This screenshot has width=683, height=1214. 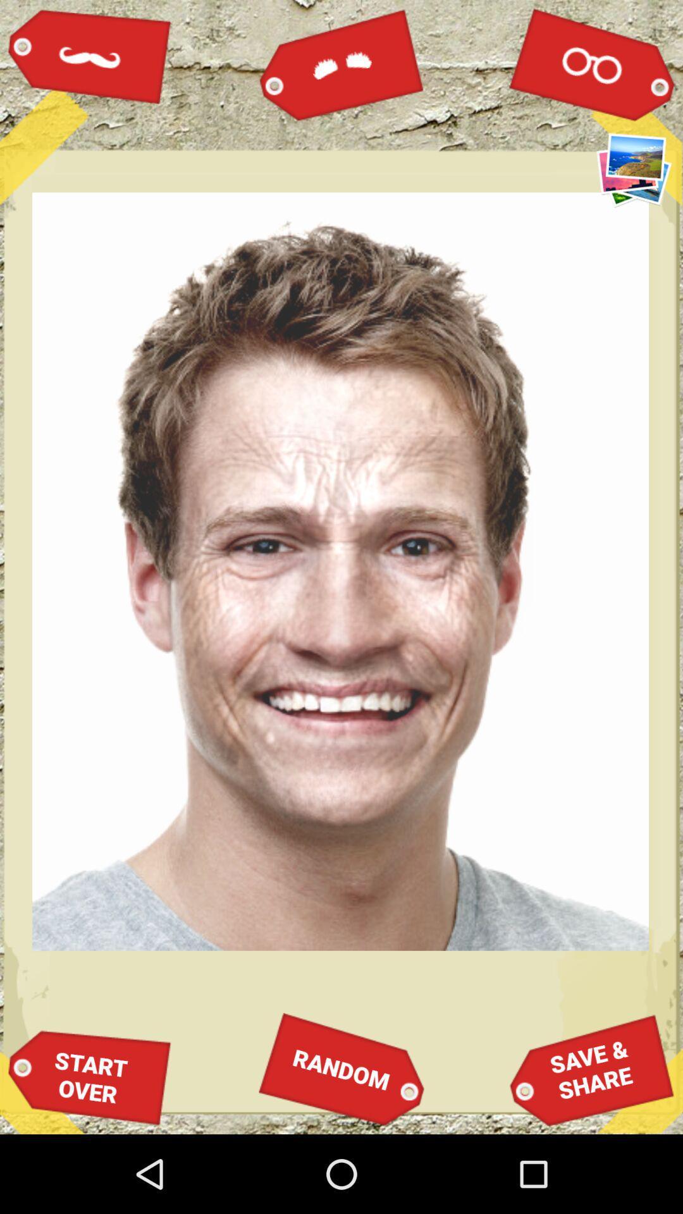 What do you see at coordinates (89, 1077) in the screenshot?
I see `the icon next to random icon` at bounding box center [89, 1077].